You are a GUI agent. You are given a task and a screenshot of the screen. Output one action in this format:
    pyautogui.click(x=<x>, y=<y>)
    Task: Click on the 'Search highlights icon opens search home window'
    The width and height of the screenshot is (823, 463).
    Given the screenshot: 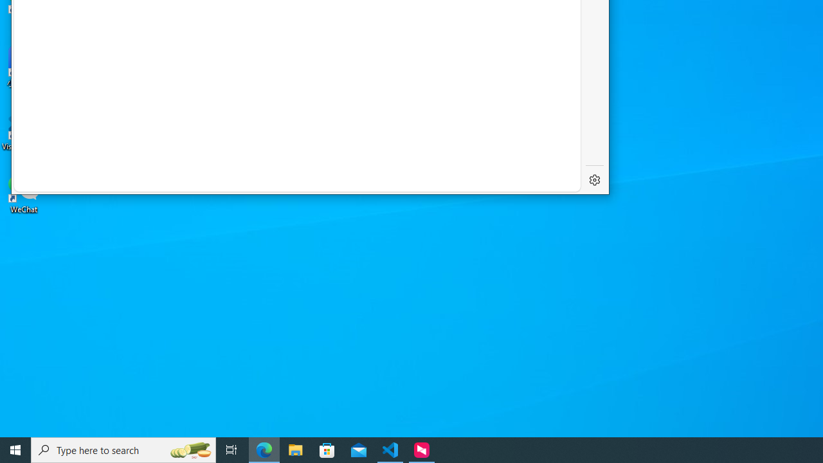 What is the action you would take?
    pyautogui.click(x=189, y=449)
    